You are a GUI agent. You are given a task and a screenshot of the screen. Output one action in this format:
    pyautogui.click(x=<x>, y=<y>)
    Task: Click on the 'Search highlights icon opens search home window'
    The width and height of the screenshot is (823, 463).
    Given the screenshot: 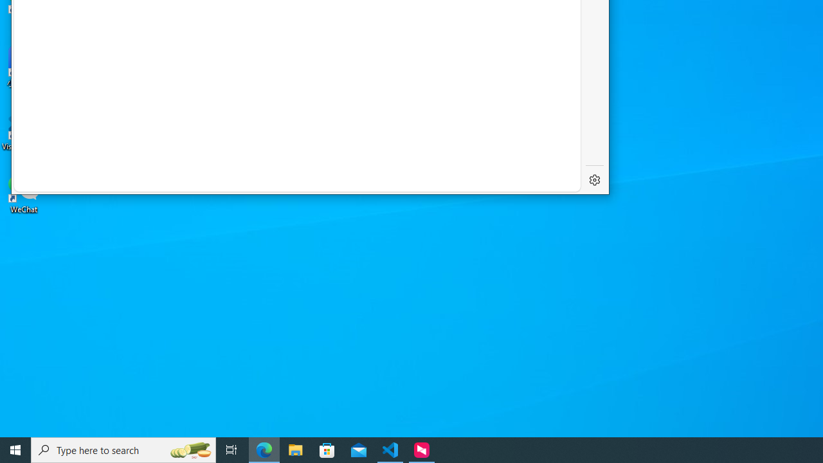 What is the action you would take?
    pyautogui.click(x=189, y=449)
    